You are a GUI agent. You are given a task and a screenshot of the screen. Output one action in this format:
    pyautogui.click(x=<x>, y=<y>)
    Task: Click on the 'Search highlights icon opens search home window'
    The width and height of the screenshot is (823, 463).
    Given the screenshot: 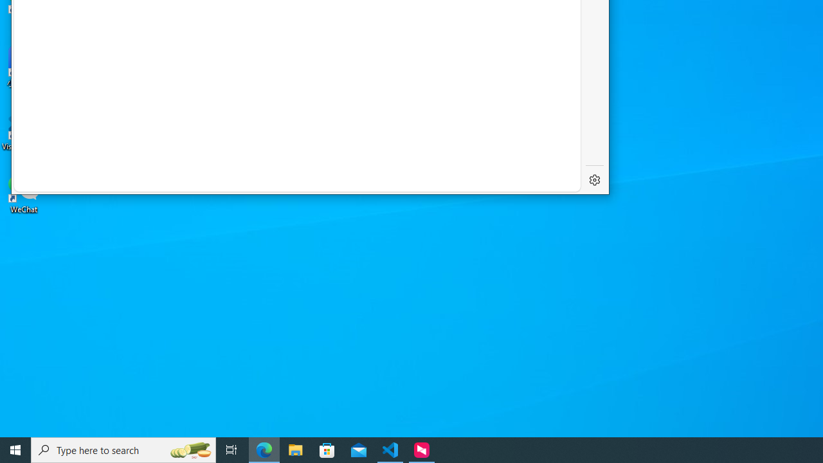 What is the action you would take?
    pyautogui.click(x=189, y=449)
    